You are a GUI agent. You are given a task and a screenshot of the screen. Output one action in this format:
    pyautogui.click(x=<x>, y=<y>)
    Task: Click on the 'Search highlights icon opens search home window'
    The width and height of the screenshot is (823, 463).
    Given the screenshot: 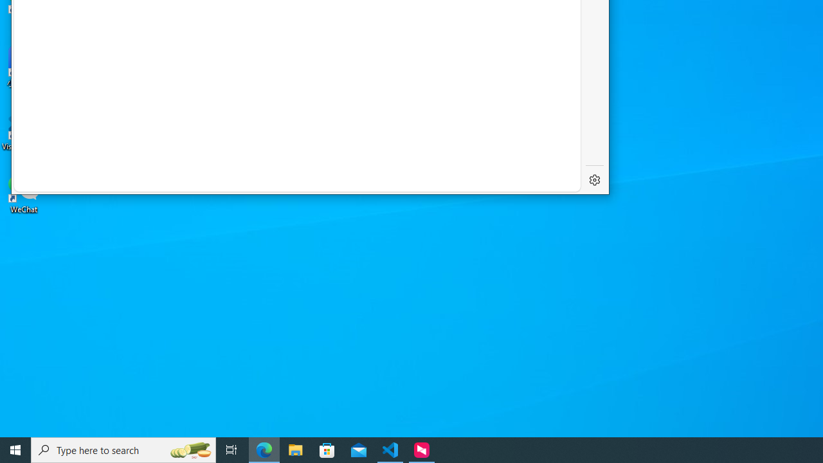 What is the action you would take?
    pyautogui.click(x=189, y=449)
    